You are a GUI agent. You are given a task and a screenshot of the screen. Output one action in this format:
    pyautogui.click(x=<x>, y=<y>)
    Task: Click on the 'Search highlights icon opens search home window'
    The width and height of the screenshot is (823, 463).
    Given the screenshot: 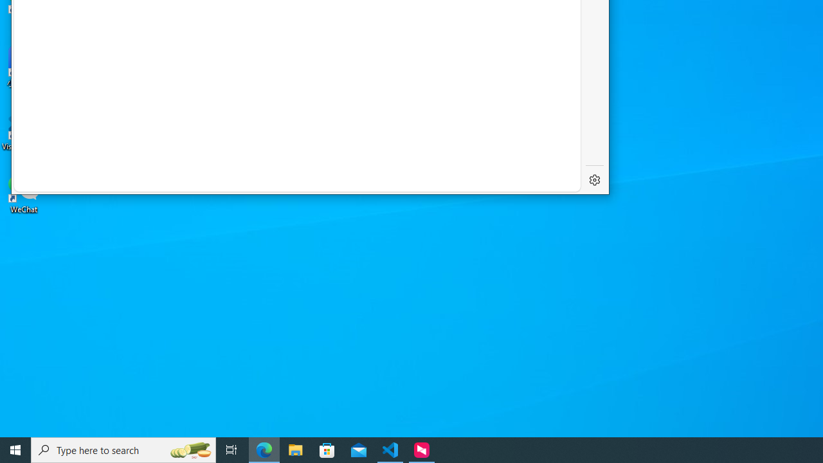 What is the action you would take?
    pyautogui.click(x=189, y=449)
    